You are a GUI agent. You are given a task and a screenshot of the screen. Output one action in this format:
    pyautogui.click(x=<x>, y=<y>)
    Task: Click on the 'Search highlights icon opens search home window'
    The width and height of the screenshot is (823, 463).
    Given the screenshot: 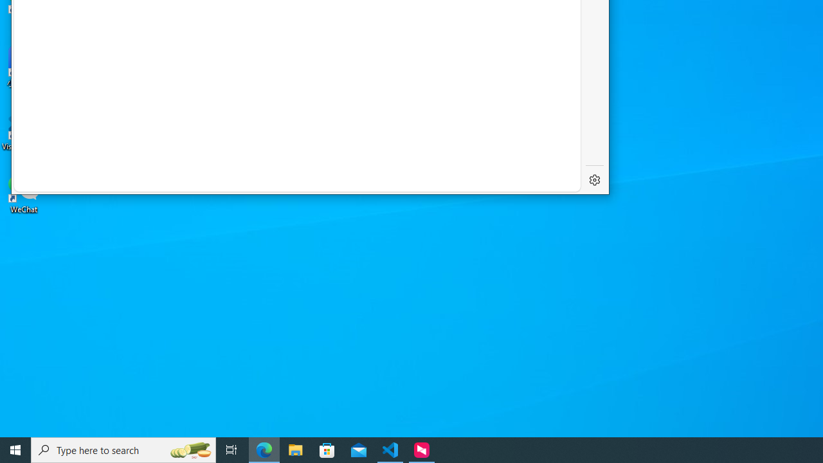 What is the action you would take?
    pyautogui.click(x=189, y=449)
    